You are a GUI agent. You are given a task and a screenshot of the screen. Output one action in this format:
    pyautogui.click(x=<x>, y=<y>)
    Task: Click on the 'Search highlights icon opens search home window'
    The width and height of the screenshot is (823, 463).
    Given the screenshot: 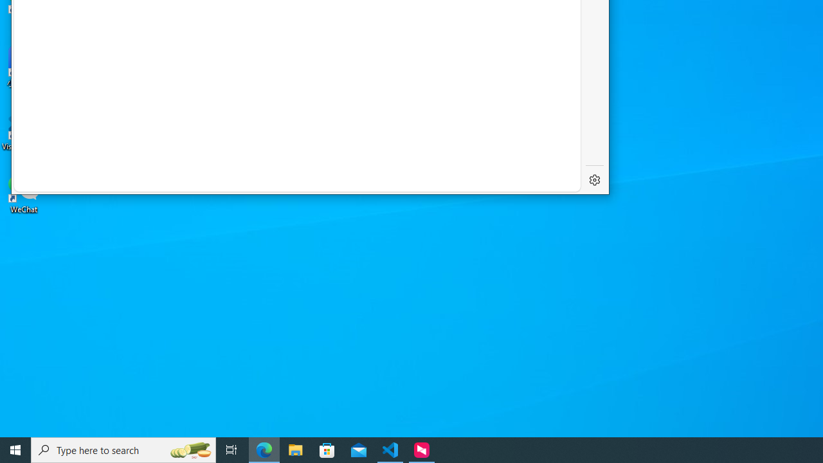 What is the action you would take?
    pyautogui.click(x=189, y=449)
    